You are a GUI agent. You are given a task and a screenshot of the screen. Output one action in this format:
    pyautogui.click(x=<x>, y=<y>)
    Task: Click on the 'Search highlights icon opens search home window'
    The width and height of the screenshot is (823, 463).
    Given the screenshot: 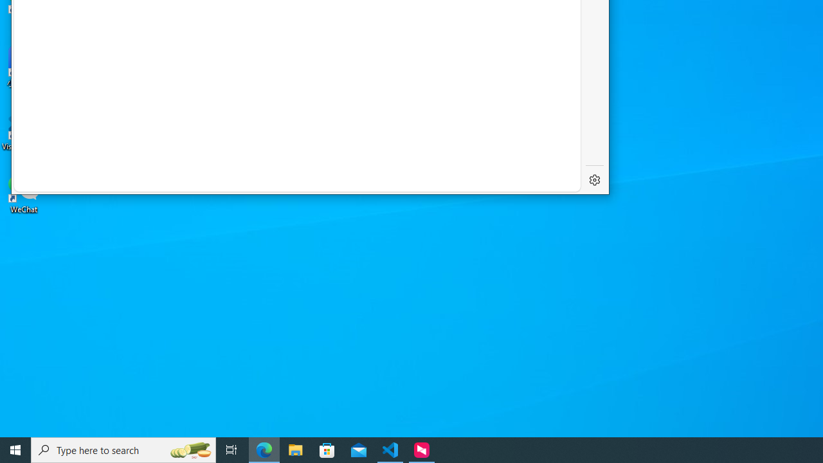 What is the action you would take?
    pyautogui.click(x=189, y=449)
    